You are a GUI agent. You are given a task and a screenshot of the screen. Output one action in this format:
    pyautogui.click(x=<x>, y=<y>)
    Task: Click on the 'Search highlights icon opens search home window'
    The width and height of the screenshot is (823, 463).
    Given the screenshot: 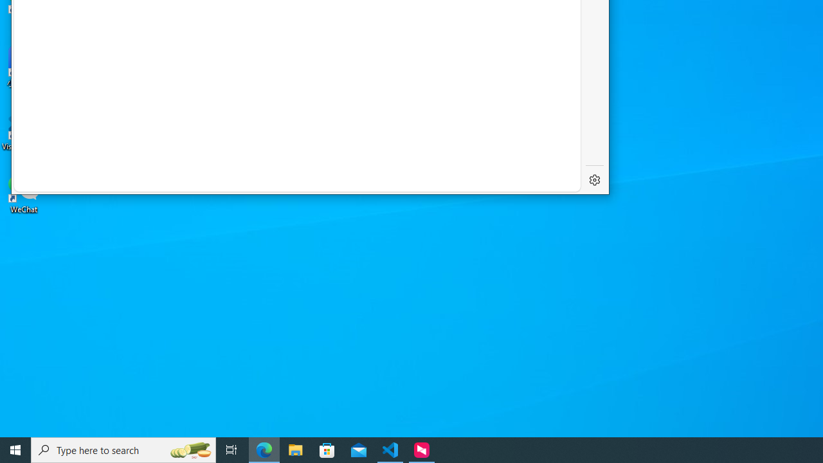 What is the action you would take?
    pyautogui.click(x=189, y=449)
    